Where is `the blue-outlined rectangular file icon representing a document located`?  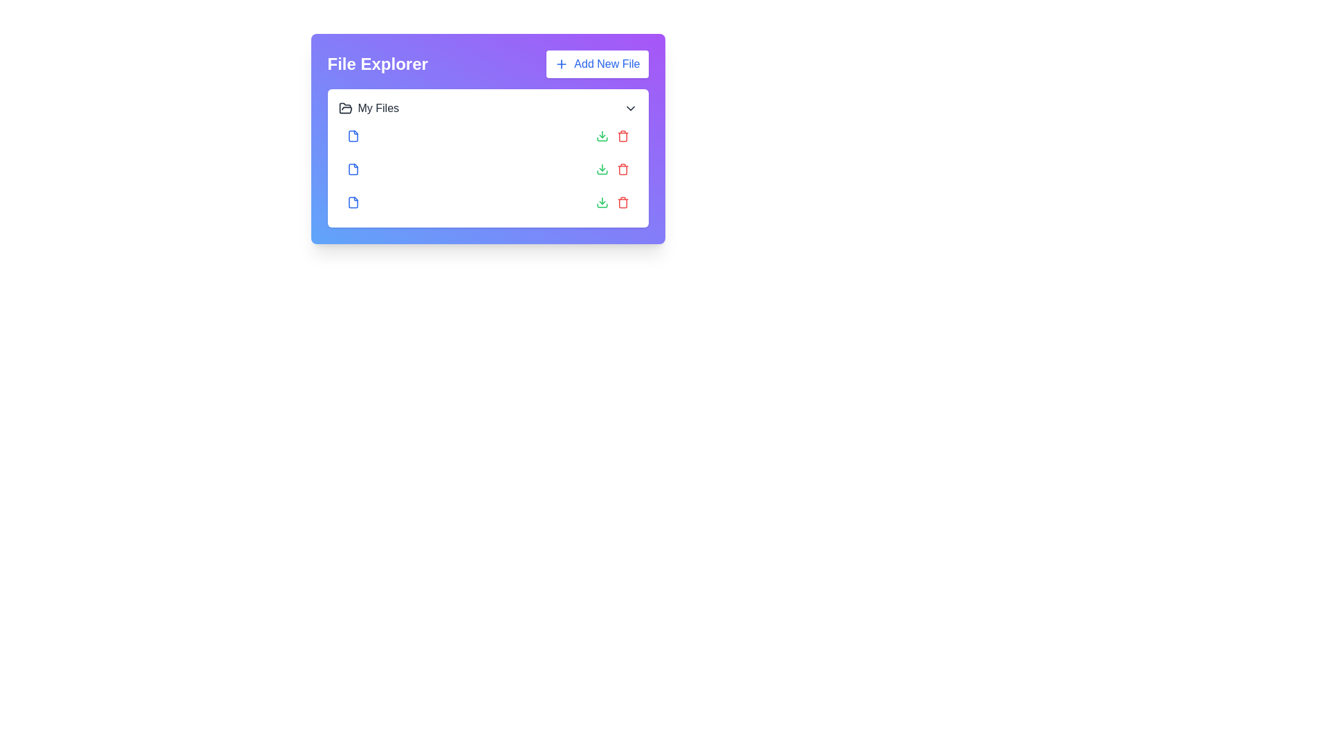
the blue-outlined rectangular file icon representing a document located is located at coordinates (353, 203).